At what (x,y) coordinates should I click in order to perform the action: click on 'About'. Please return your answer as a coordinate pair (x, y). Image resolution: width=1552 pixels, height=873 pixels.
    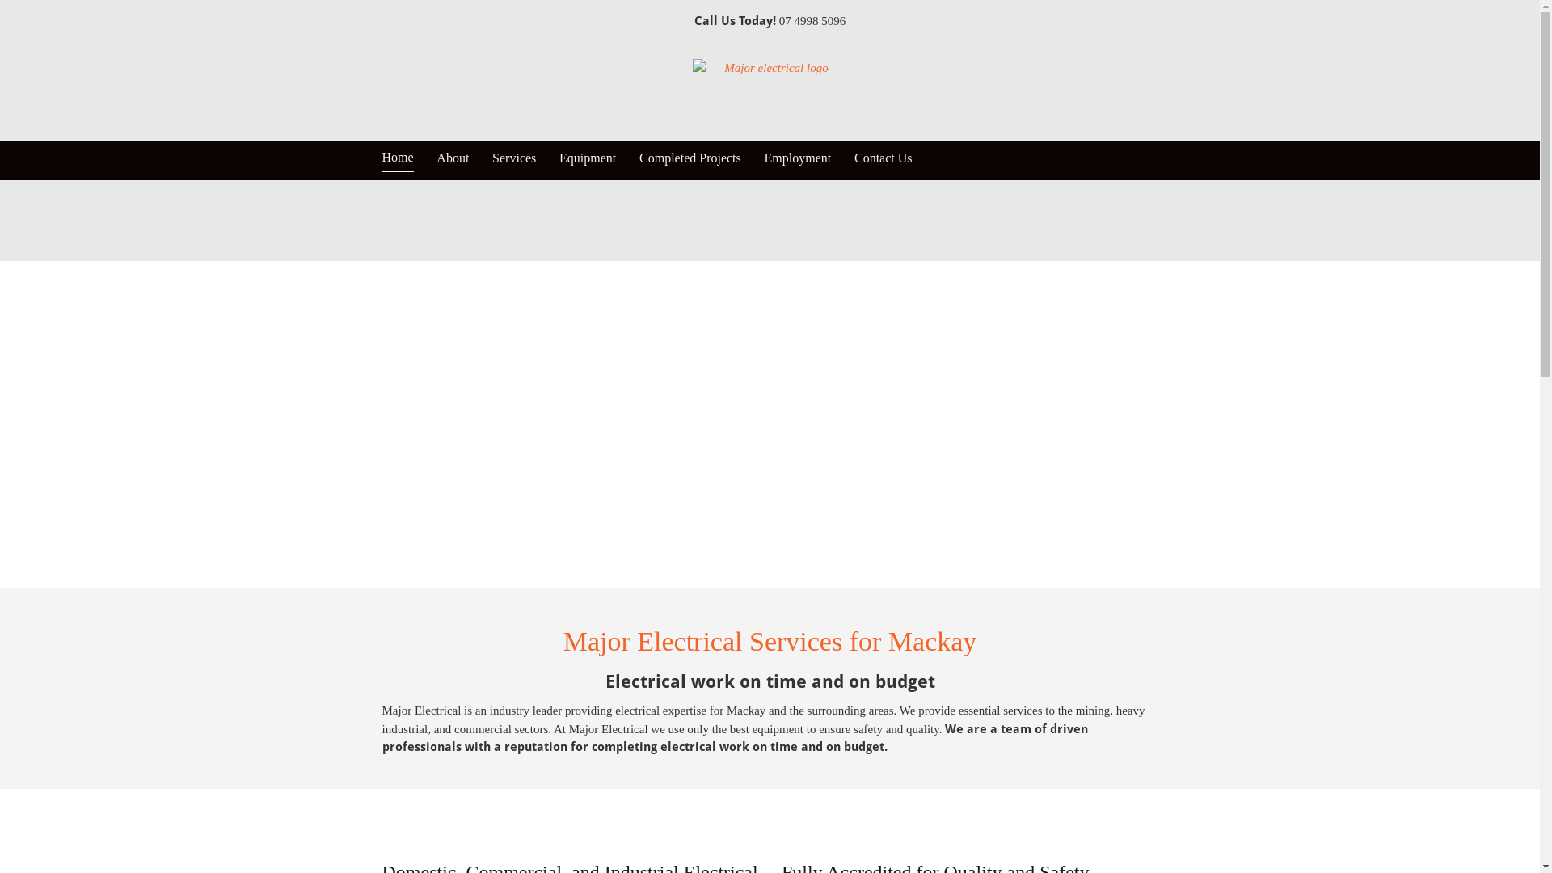
    Looking at the image, I should click on (436, 159).